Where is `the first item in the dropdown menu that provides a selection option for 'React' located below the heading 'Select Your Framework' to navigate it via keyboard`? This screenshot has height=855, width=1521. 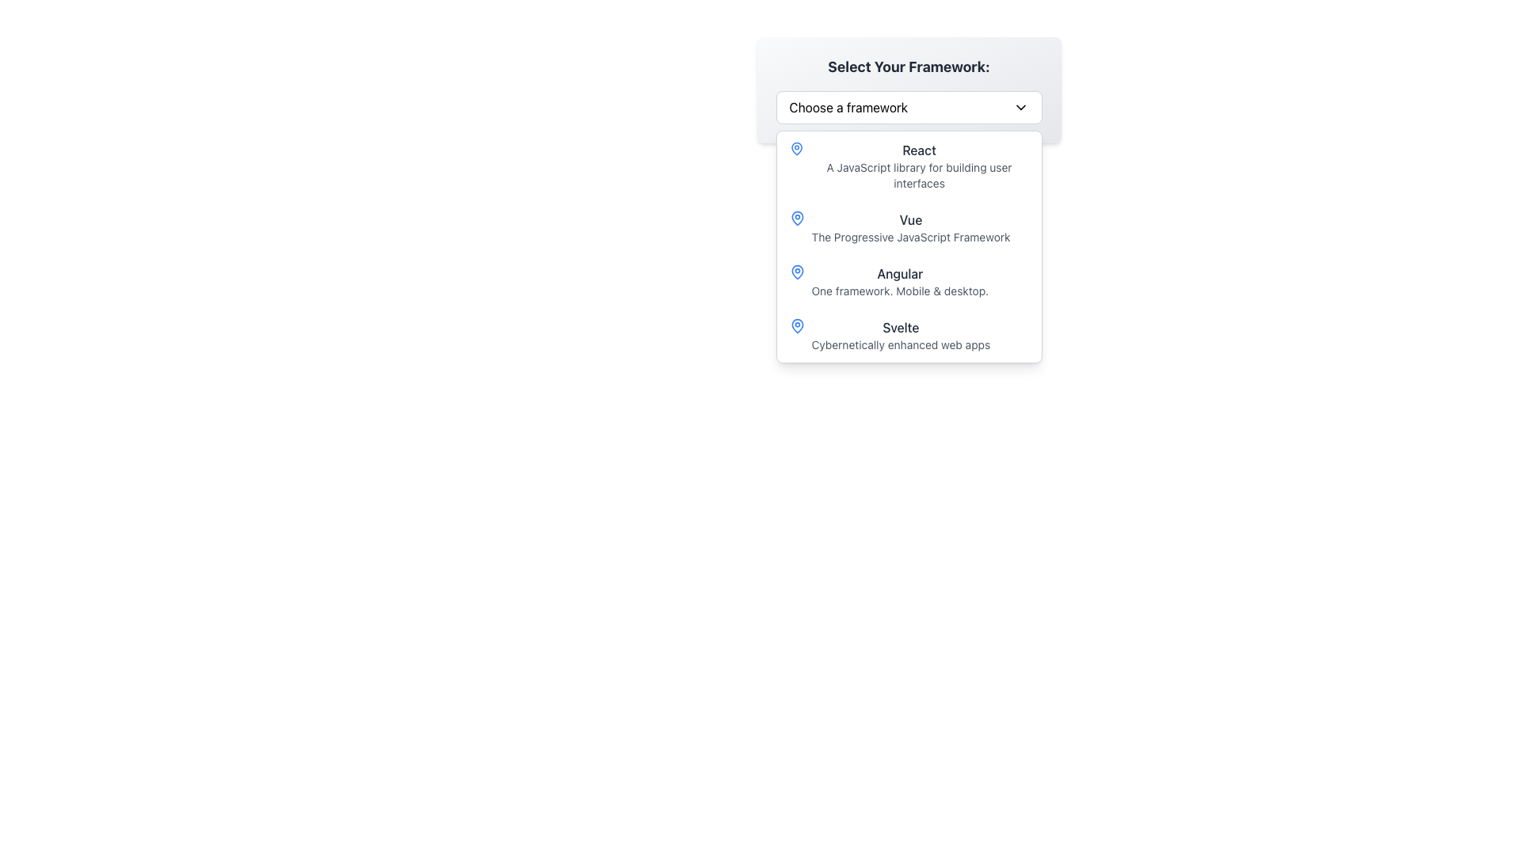
the first item in the dropdown menu that provides a selection option for 'React' located below the heading 'Select Your Framework' to navigate it via keyboard is located at coordinates (919, 165).